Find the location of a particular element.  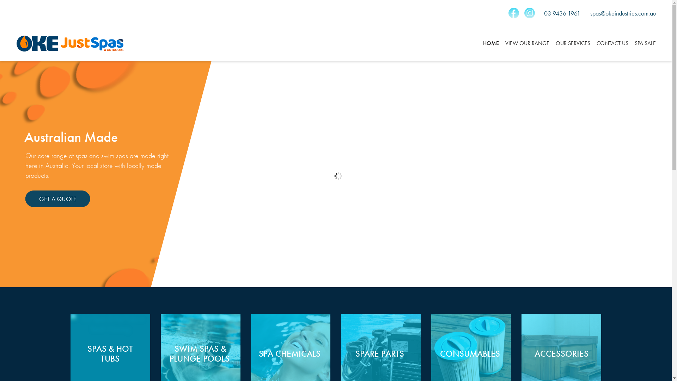

'CONTACT US' is located at coordinates (612, 43).